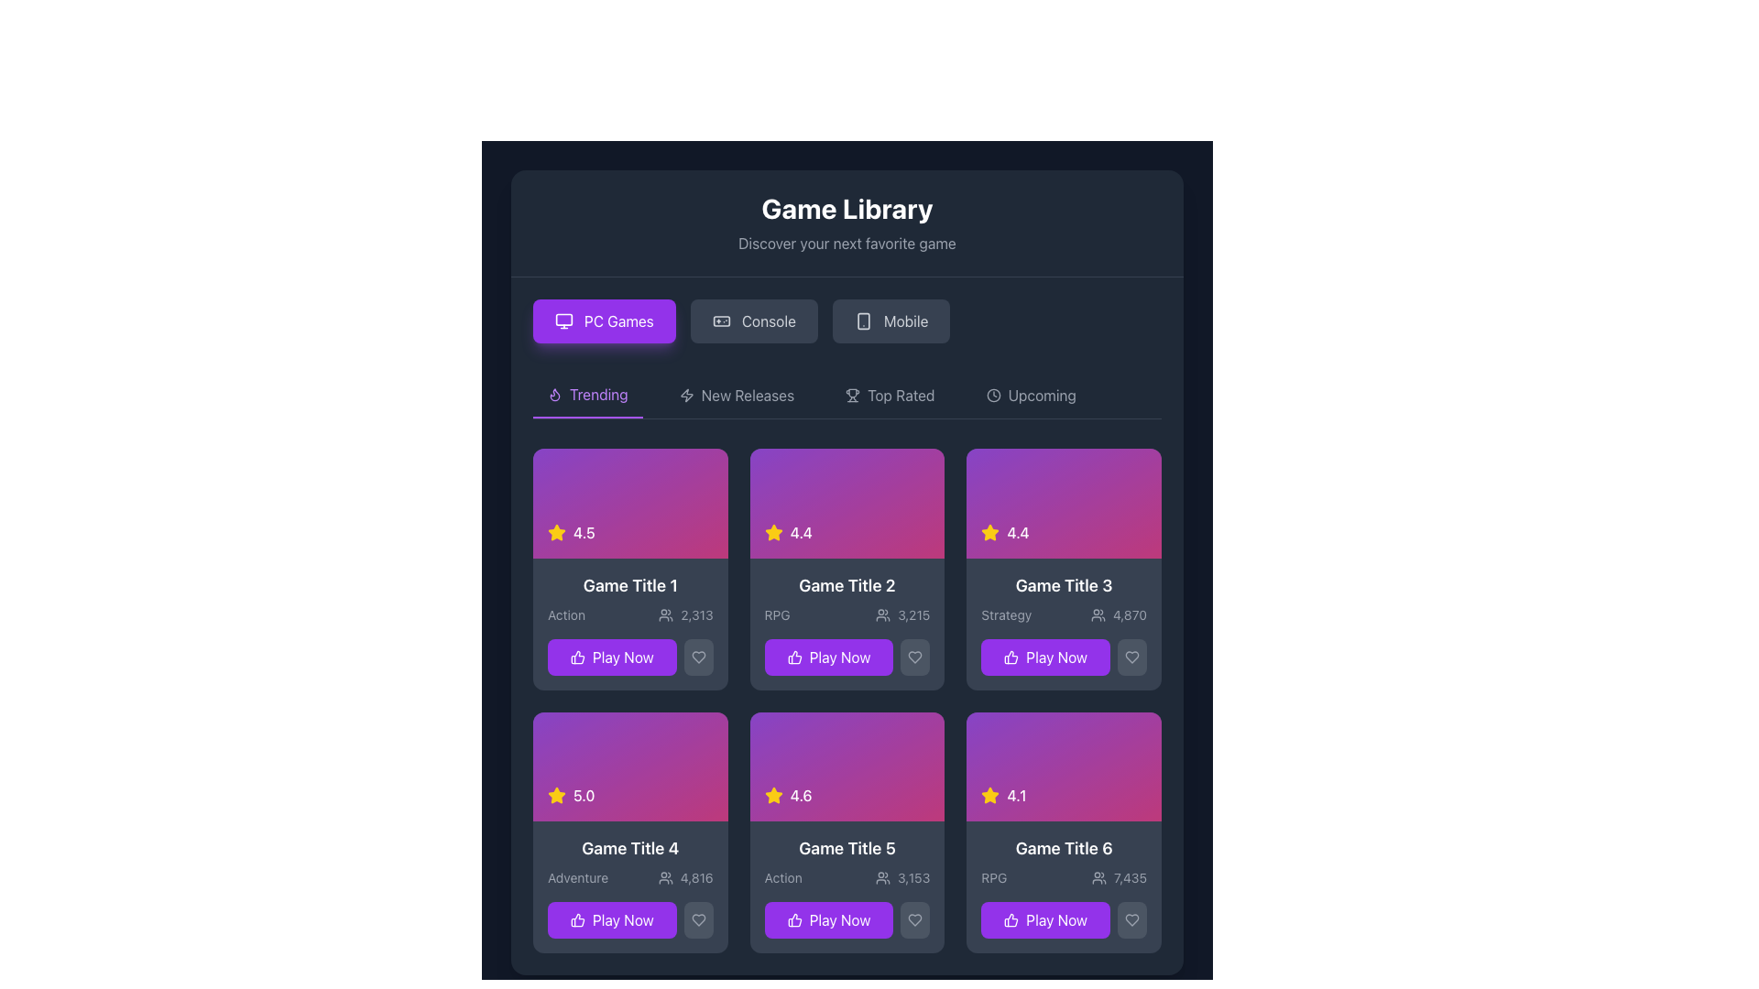  Describe the element at coordinates (697, 656) in the screenshot. I see `the heart-shaped icon button with a gray outline located at the bottom-right corner of the card for 'Game Title 1'` at that location.